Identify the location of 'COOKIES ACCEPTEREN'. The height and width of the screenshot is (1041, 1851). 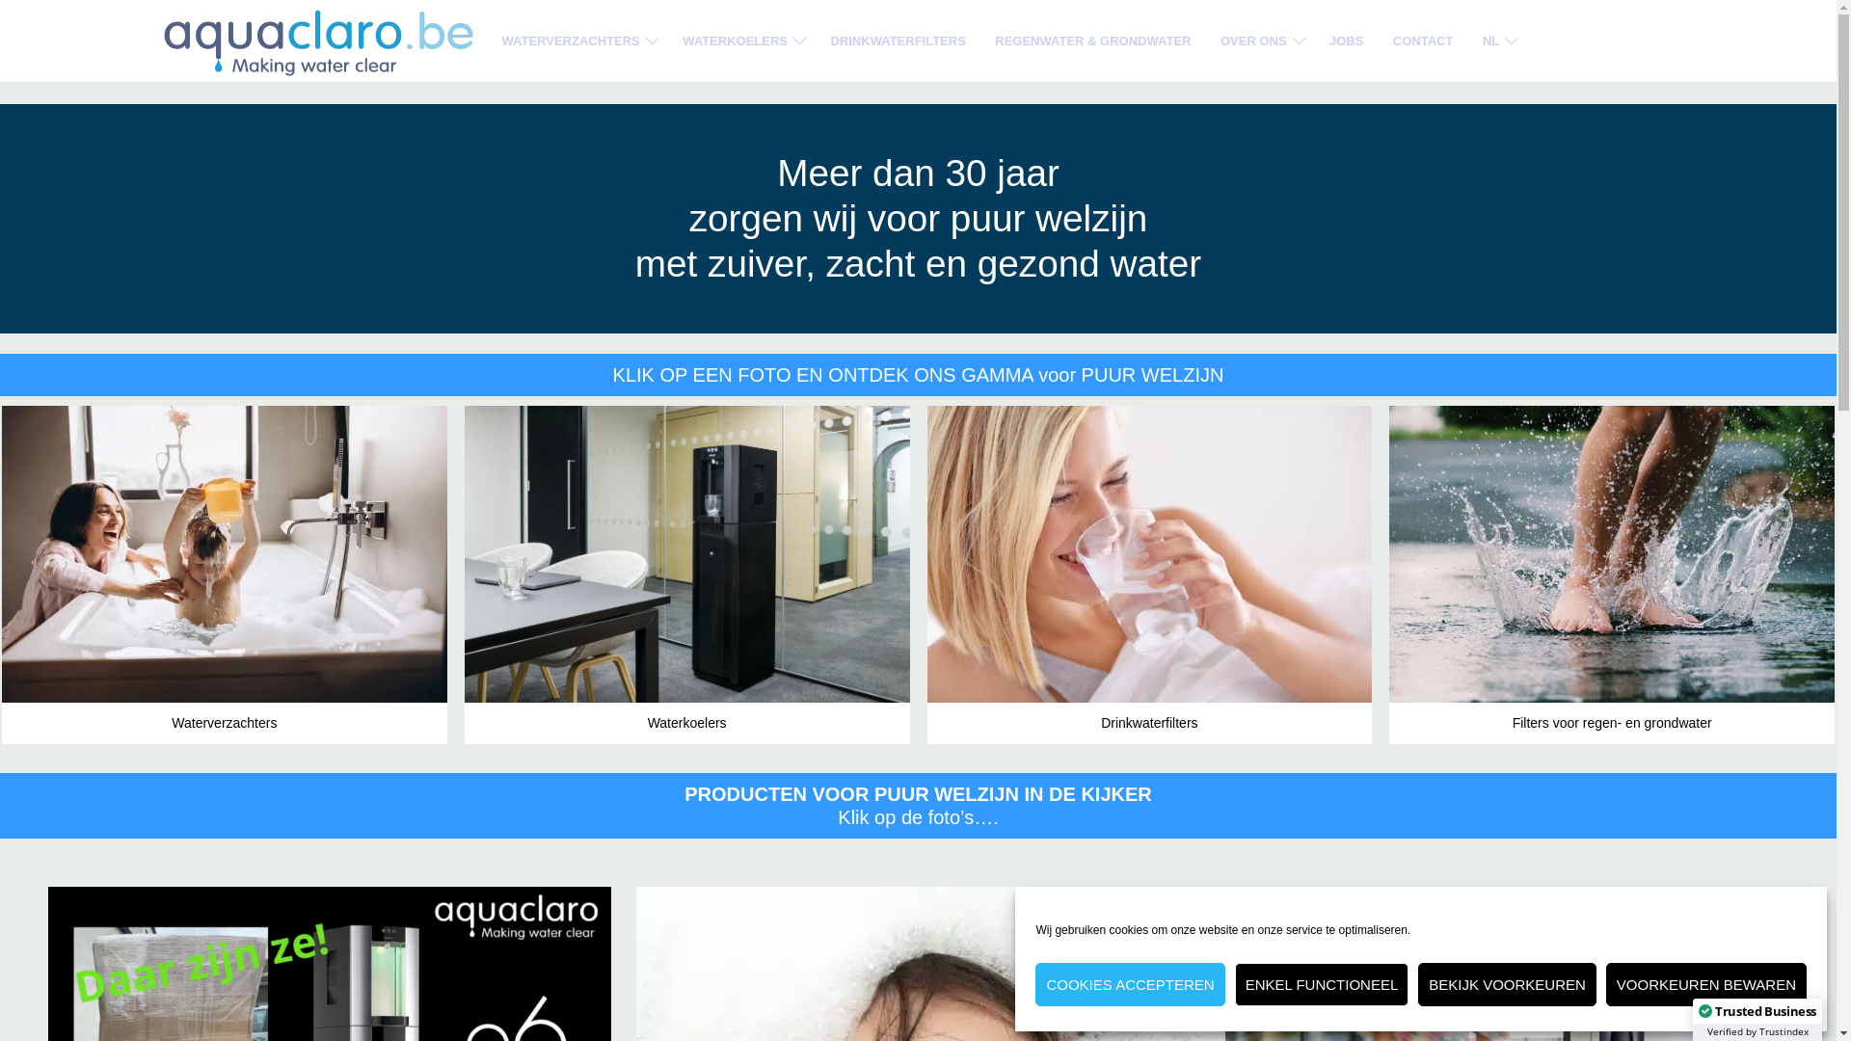
(1129, 984).